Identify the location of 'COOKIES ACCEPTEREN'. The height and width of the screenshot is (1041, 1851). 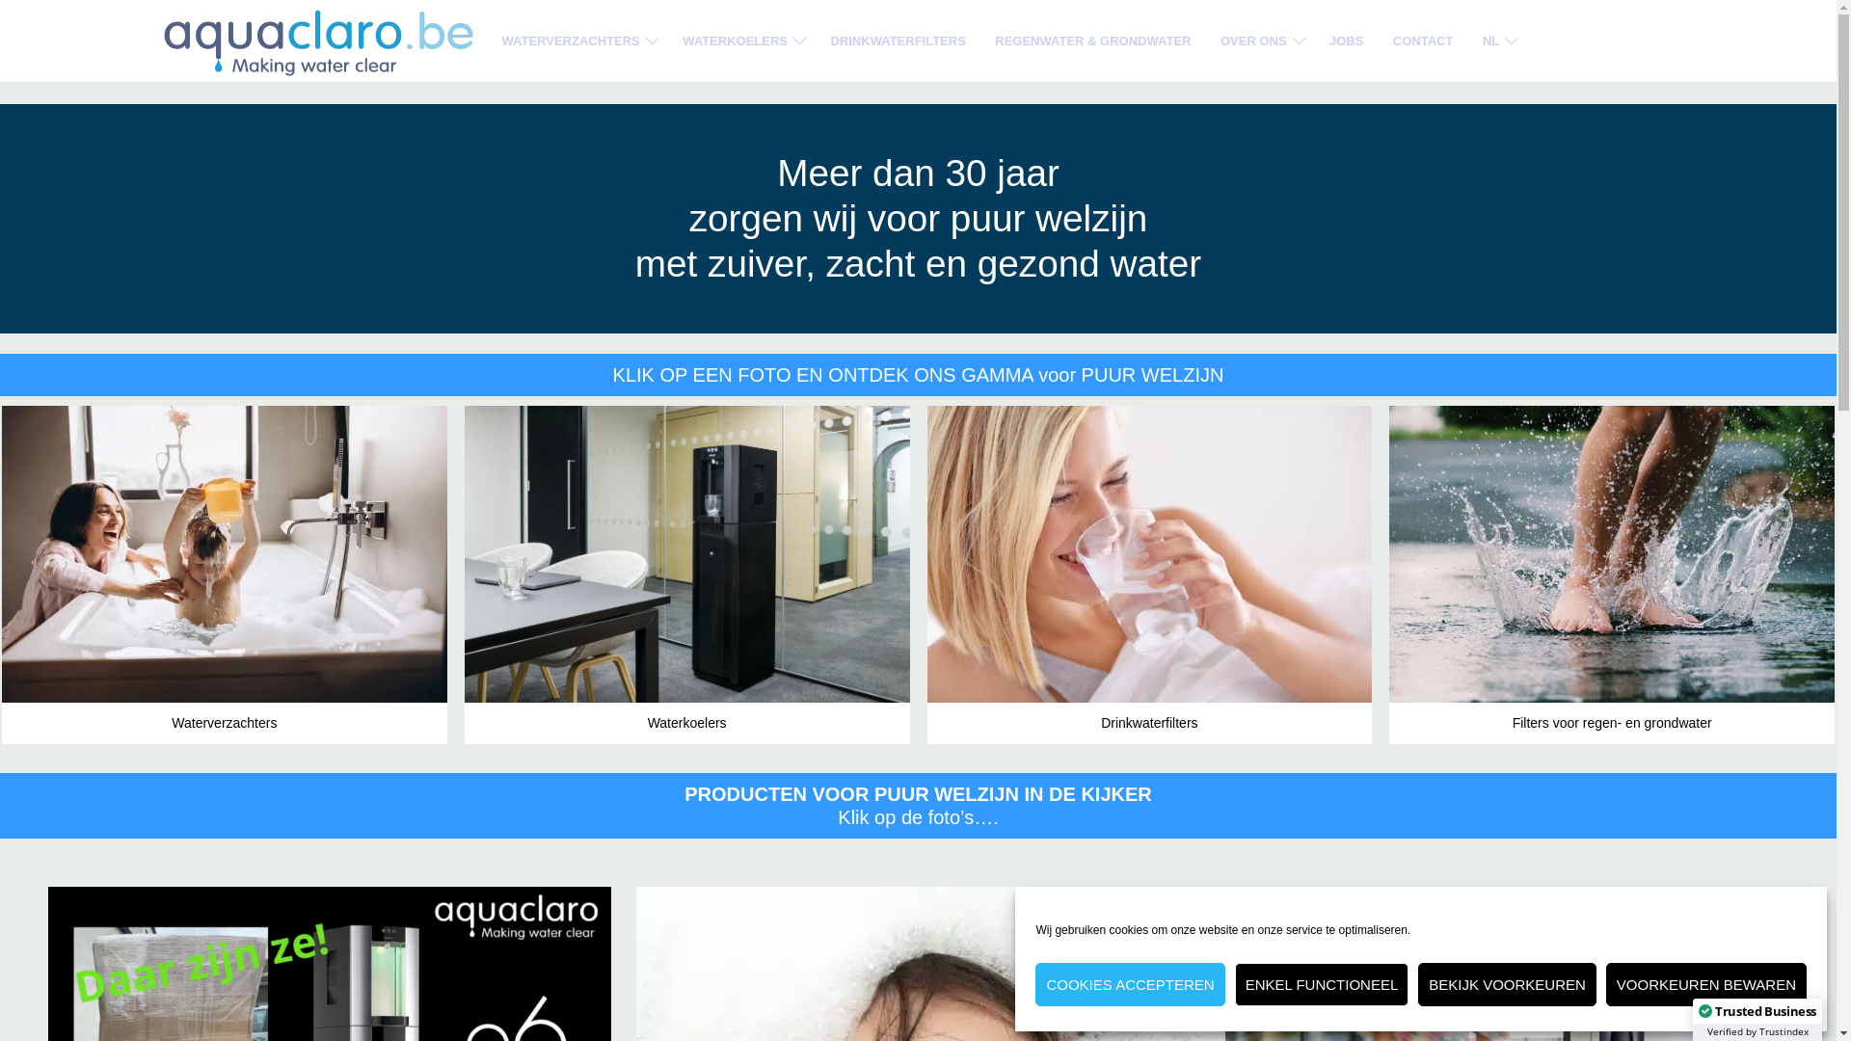
(1129, 984).